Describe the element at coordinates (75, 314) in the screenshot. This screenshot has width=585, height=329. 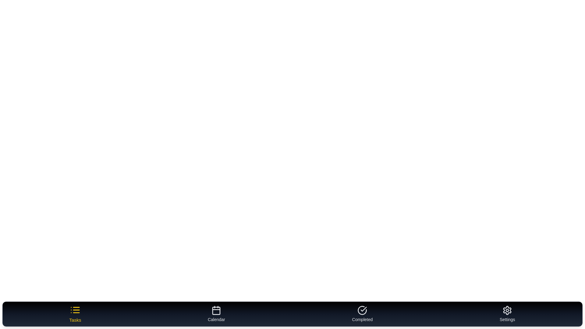
I see `the Tasks tab by clicking on it` at that location.